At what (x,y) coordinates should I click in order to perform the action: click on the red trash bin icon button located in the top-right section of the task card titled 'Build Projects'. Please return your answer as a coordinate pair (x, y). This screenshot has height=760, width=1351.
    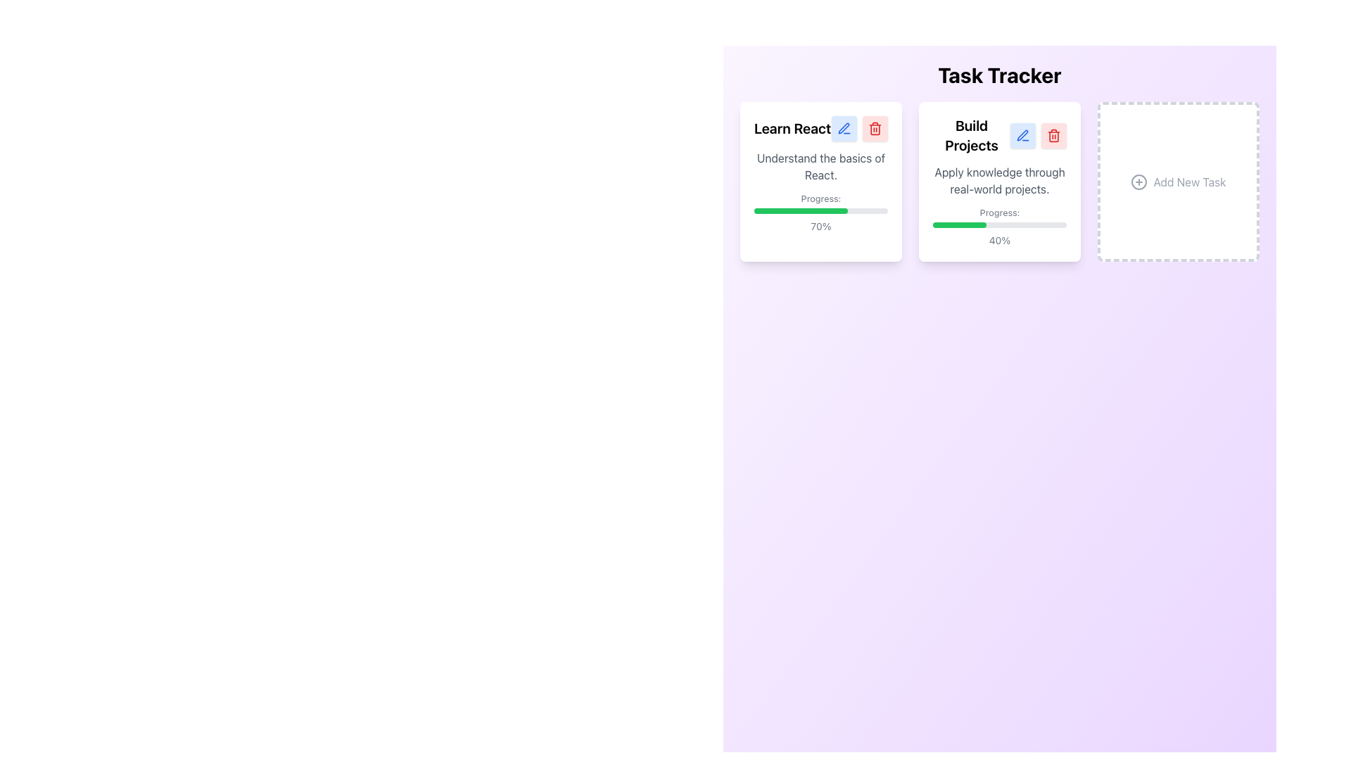
    Looking at the image, I should click on (1053, 135).